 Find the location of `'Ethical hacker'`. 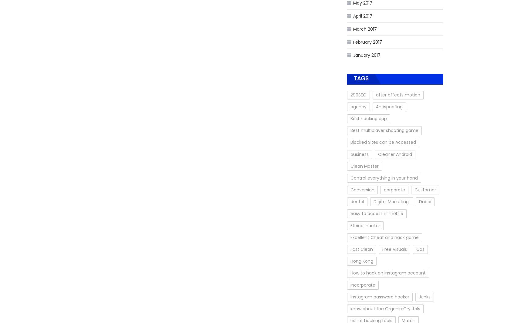

'Ethical hacker' is located at coordinates (350, 225).